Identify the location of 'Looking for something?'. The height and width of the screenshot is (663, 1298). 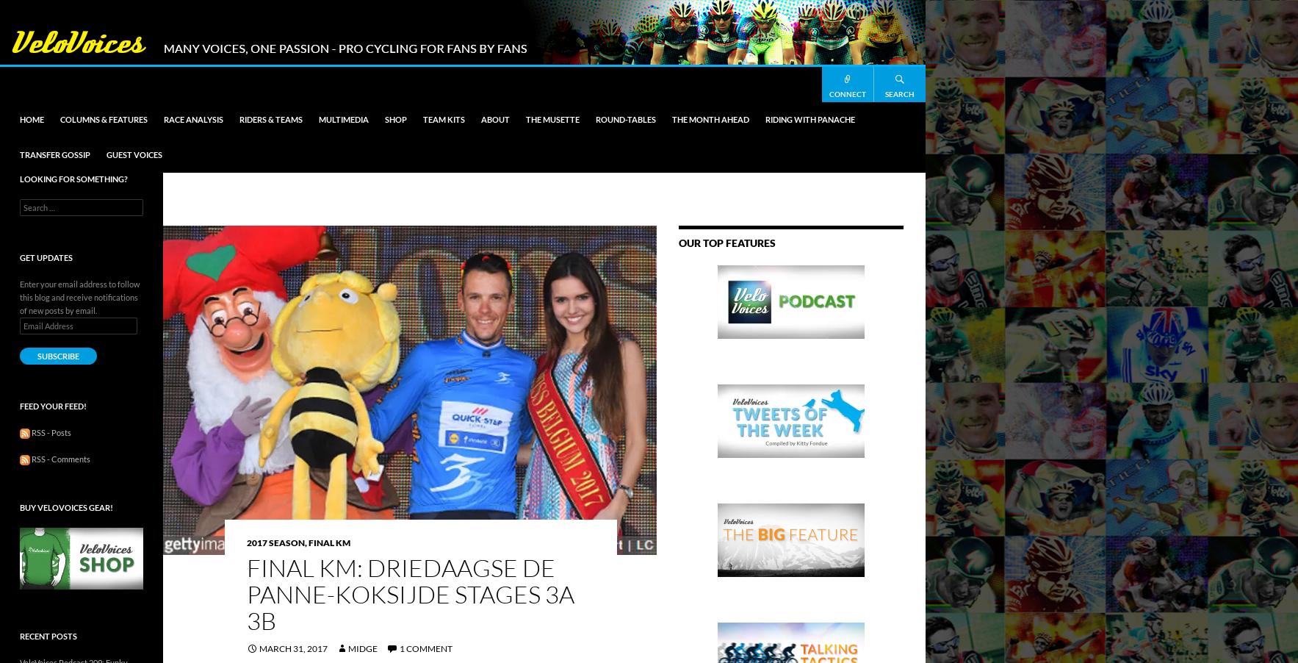
(73, 179).